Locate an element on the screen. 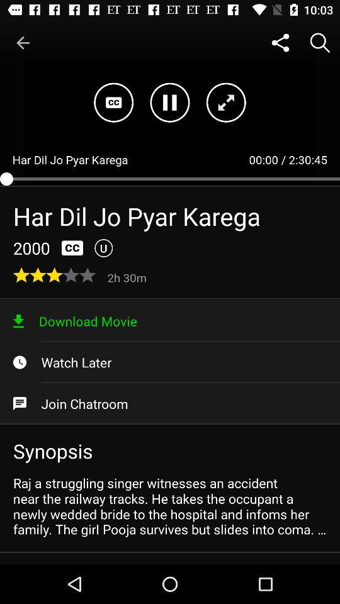 The height and width of the screenshot is (604, 340). the item above the synopsis item is located at coordinates (170, 403).